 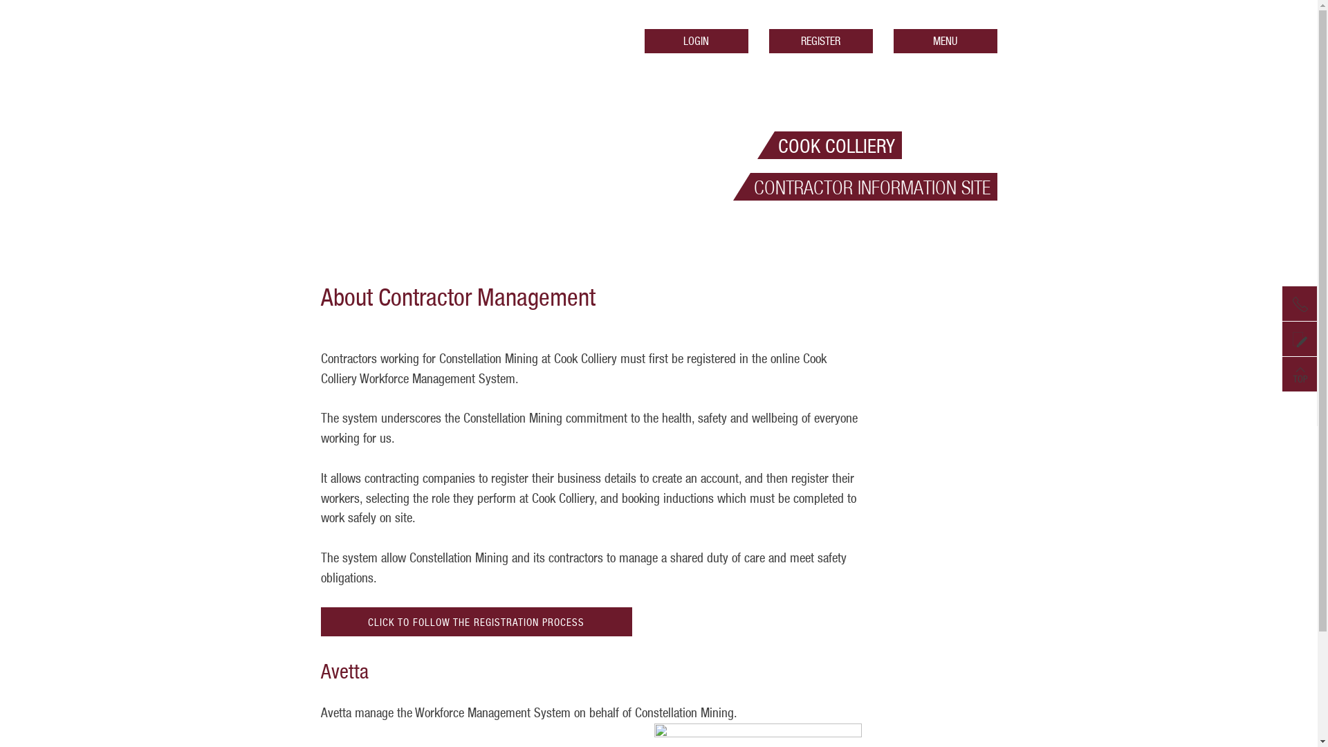 I want to click on 'LOGIN', so click(x=697, y=40).